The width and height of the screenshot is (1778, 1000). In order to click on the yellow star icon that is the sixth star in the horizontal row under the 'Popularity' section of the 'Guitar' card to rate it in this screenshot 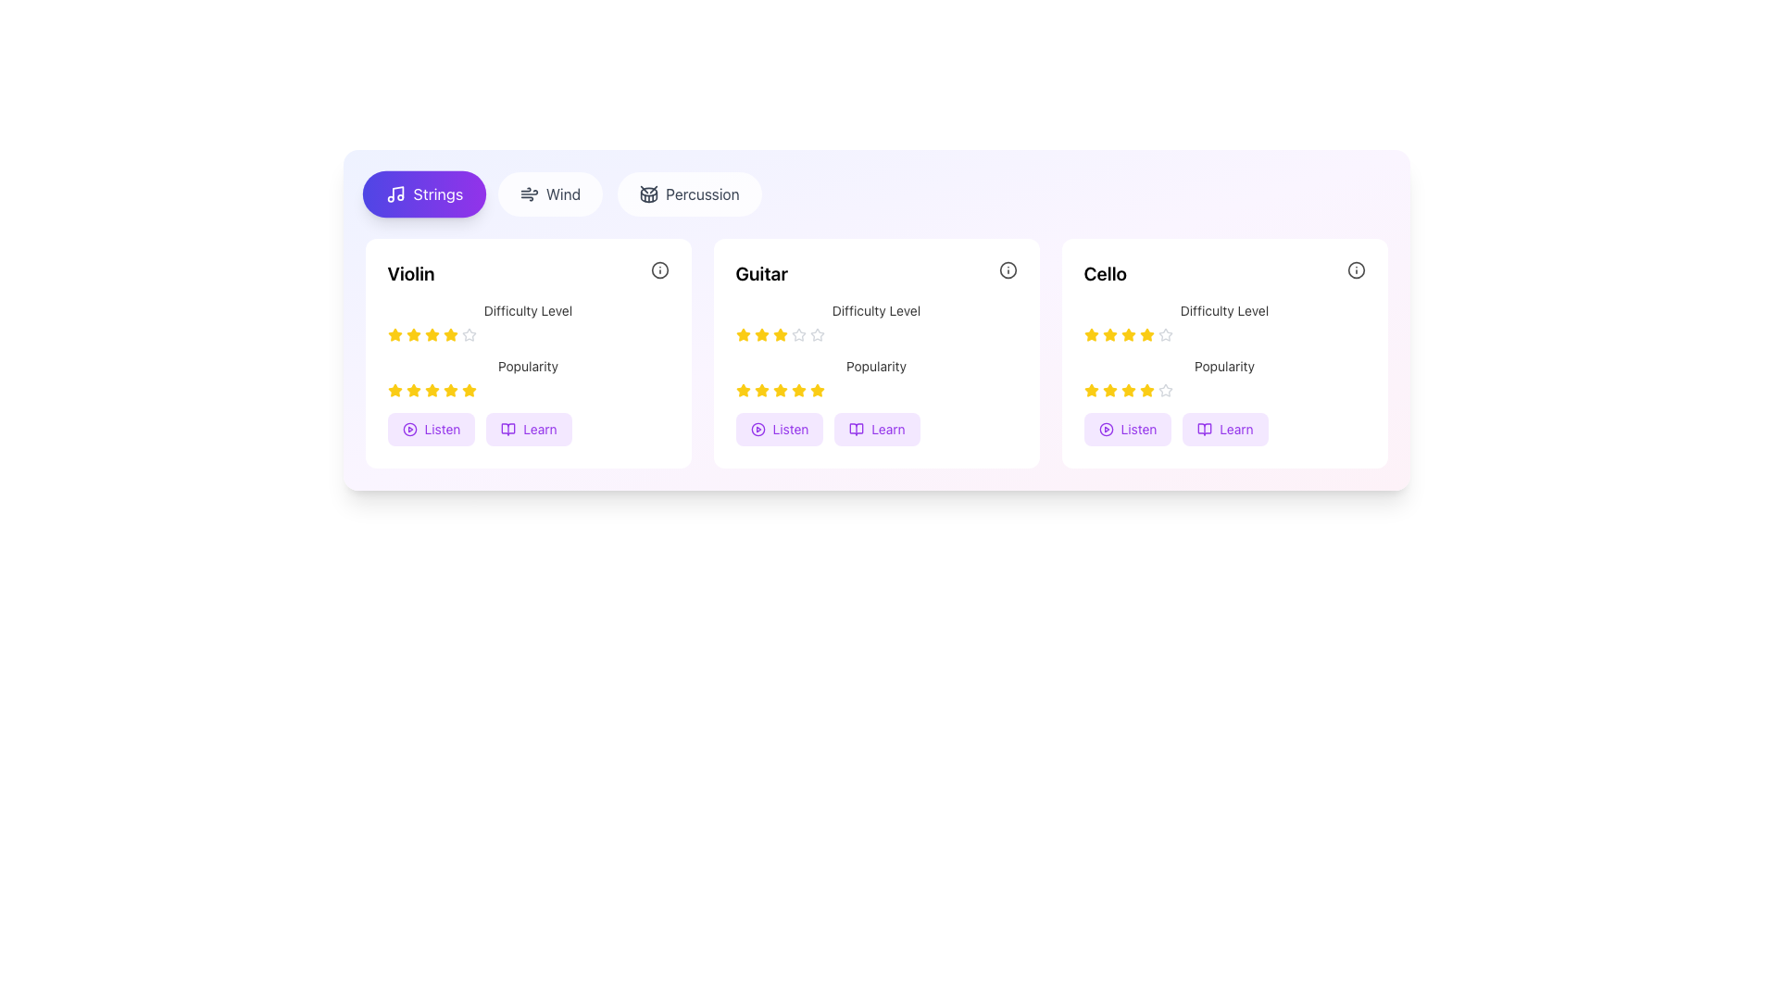, I will do `click(798, 389)`.